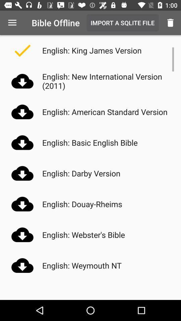  Describe the element at coordinates (122, 23) in the screenshot. I see `icon next to bible offline` at that location.